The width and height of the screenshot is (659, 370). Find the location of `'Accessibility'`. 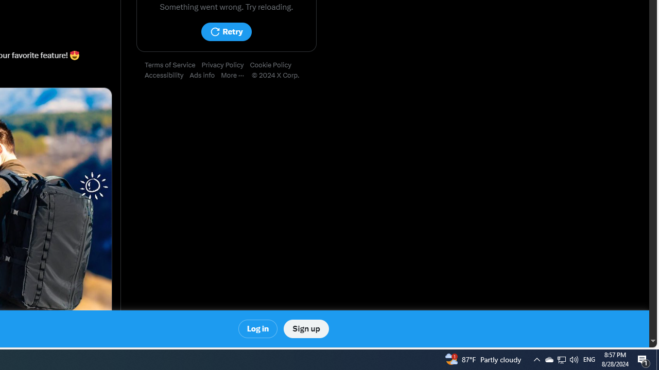

'Accessibility' is located at coordinates (167, 75).